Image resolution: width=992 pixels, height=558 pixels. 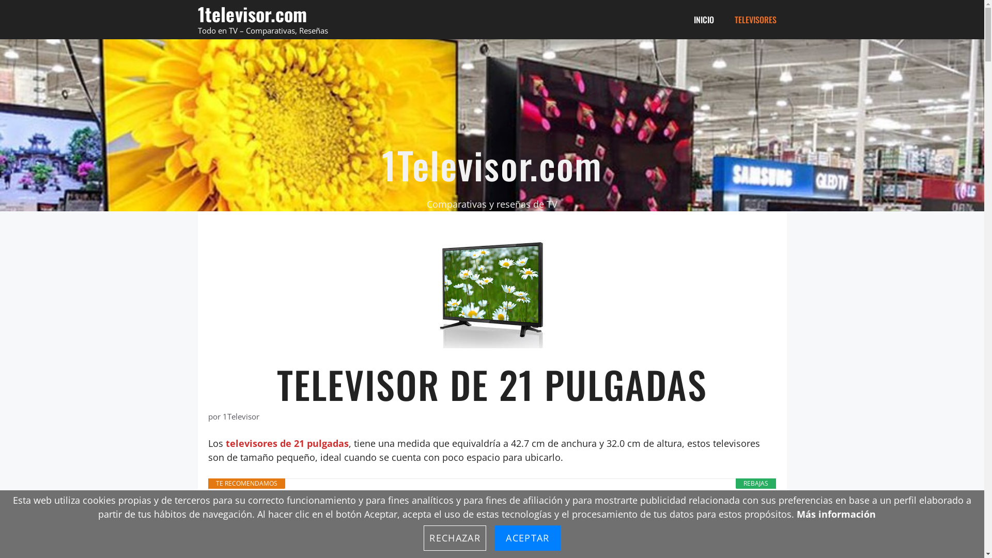 What do you see at coordinates (755, 20) in the screenshot?
I see `'TELEVISORES'` at bounding box center [755, 20].